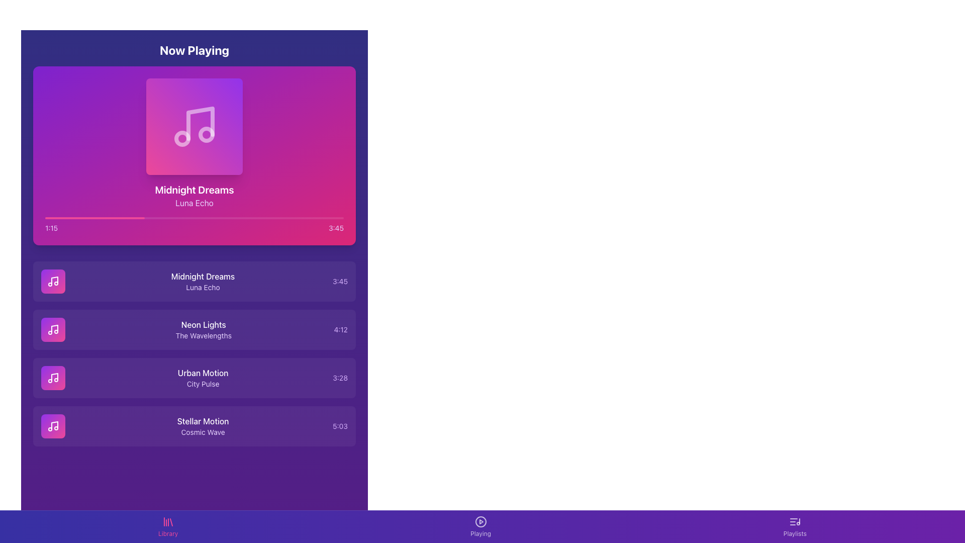 The width and height of the screenshot is (965, 543). I want to click on the Navigation button with a pink icon resembling stacked books and the label 'Library', so click(168, 526).